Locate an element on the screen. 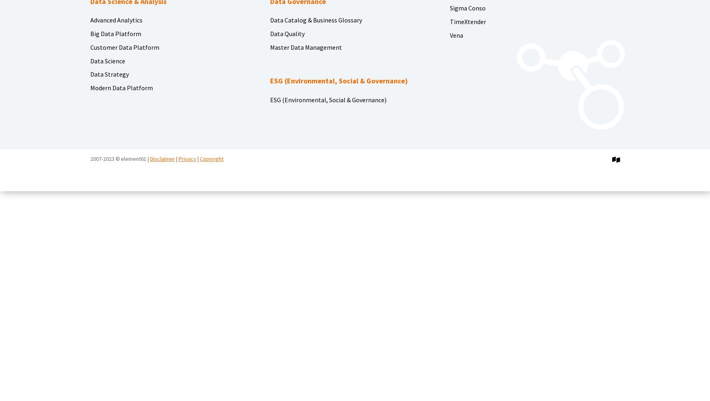  'Data Strategy' is located at coordinates (90, 74).